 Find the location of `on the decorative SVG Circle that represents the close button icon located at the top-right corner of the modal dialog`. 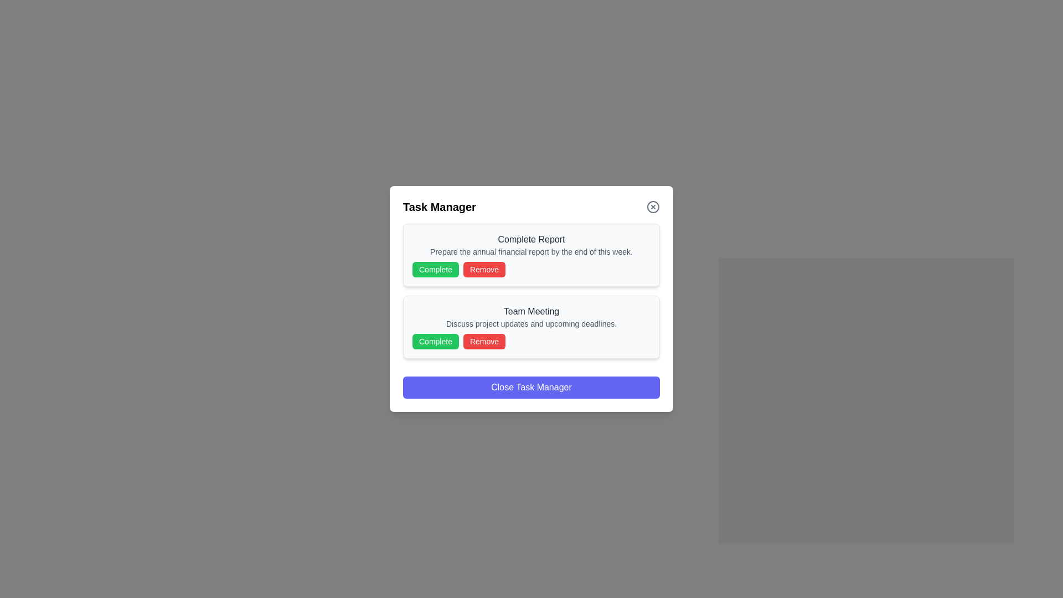

on the decorative SVG Circle that represents the close button icon located at the top-right corner of the modal dialog is located at coordinates (653, 207).